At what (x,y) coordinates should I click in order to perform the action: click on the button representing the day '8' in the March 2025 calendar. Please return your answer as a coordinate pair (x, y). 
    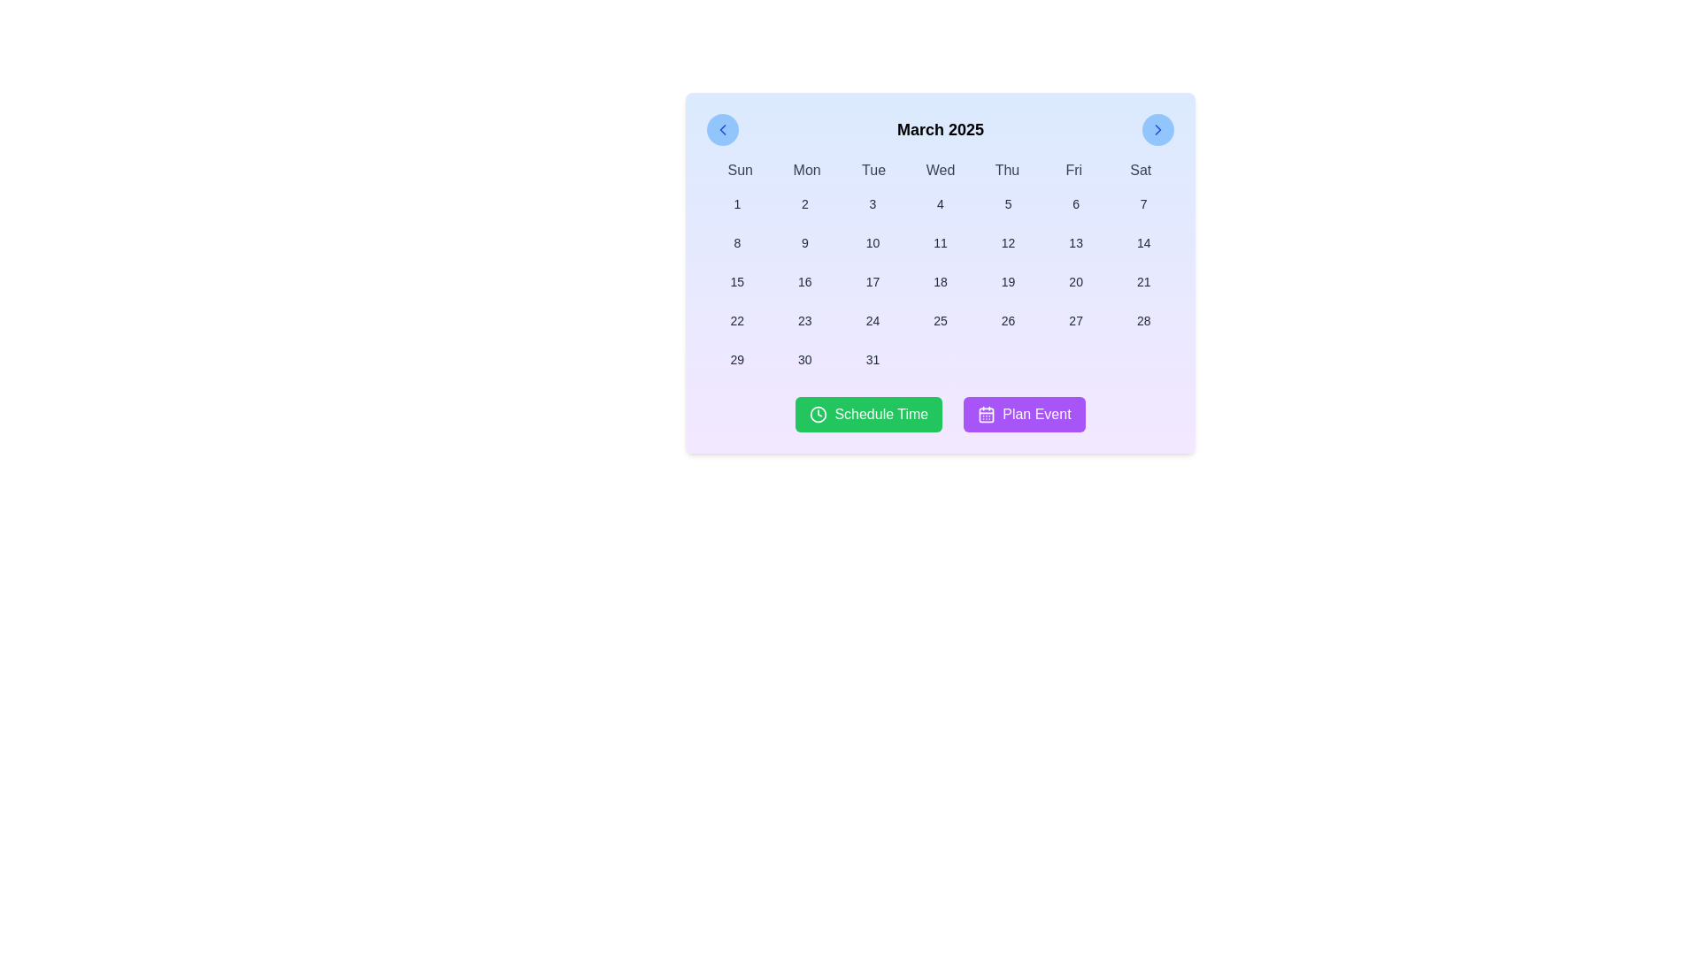
    Looking at the image, I should click on (737, 242).